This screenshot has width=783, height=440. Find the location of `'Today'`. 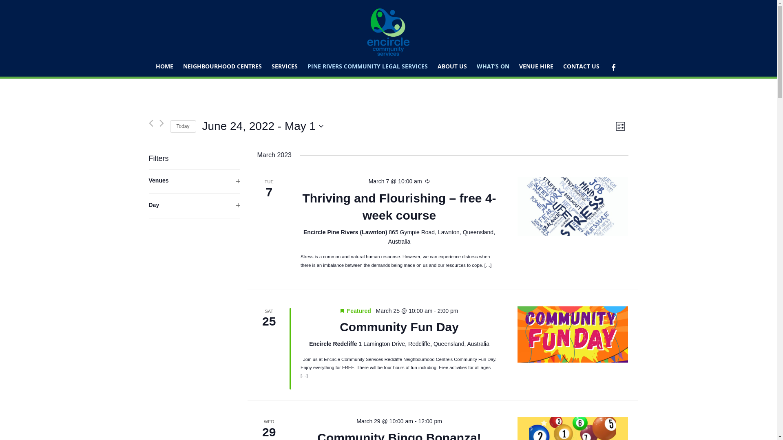

'Today' is located at coordinates (182, 126).